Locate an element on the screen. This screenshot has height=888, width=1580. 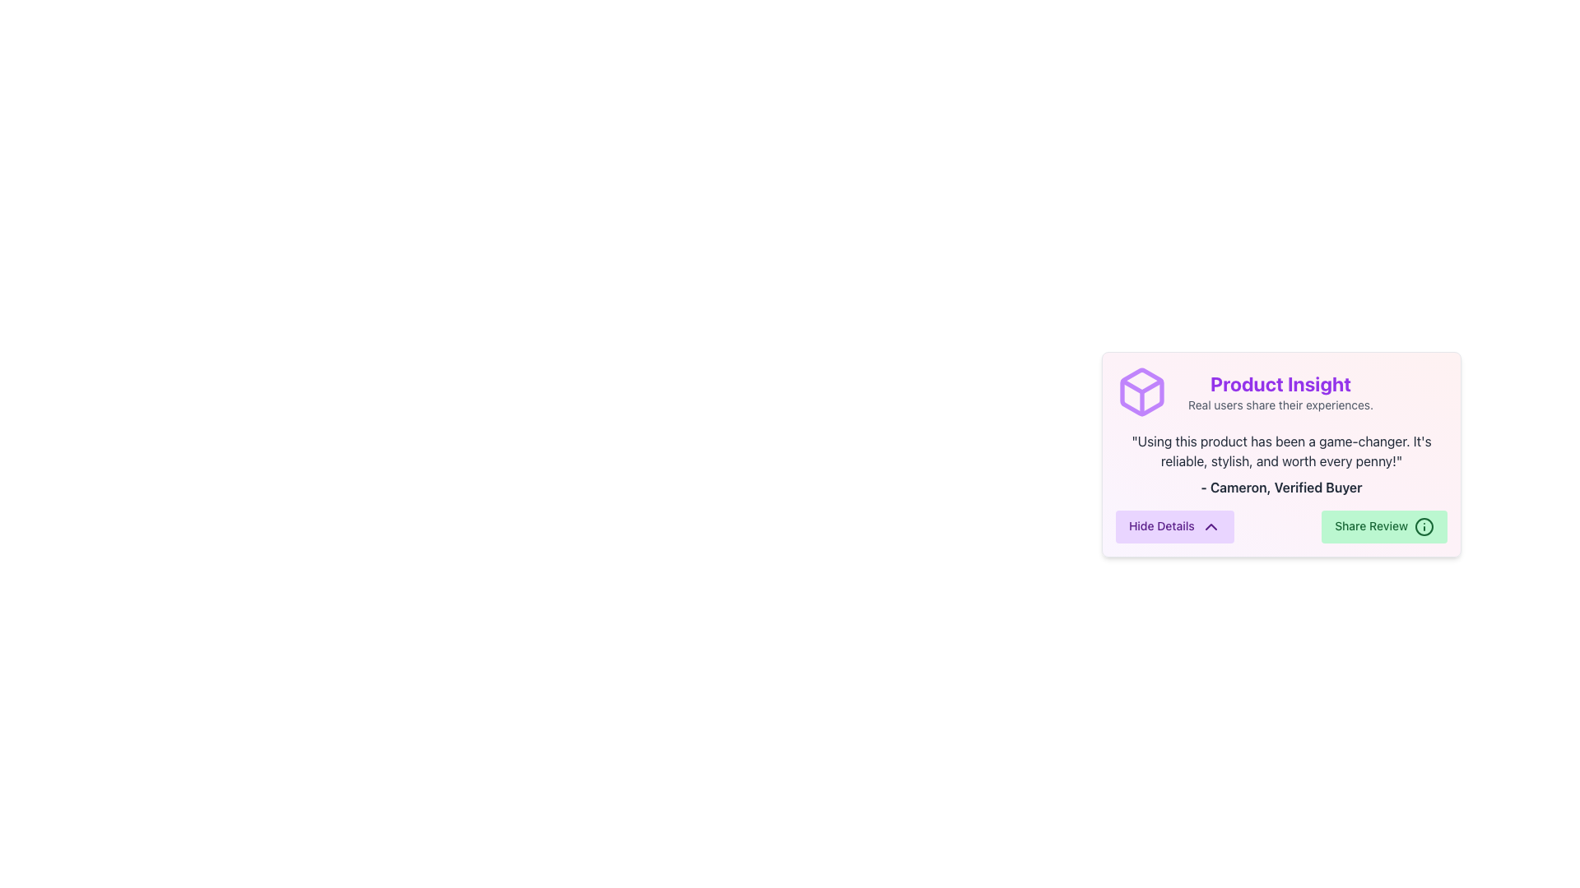
the informational icon located on the rightmost side of the 'Share Review' button for accessibility purposes is located at coordinates (1424, 526).